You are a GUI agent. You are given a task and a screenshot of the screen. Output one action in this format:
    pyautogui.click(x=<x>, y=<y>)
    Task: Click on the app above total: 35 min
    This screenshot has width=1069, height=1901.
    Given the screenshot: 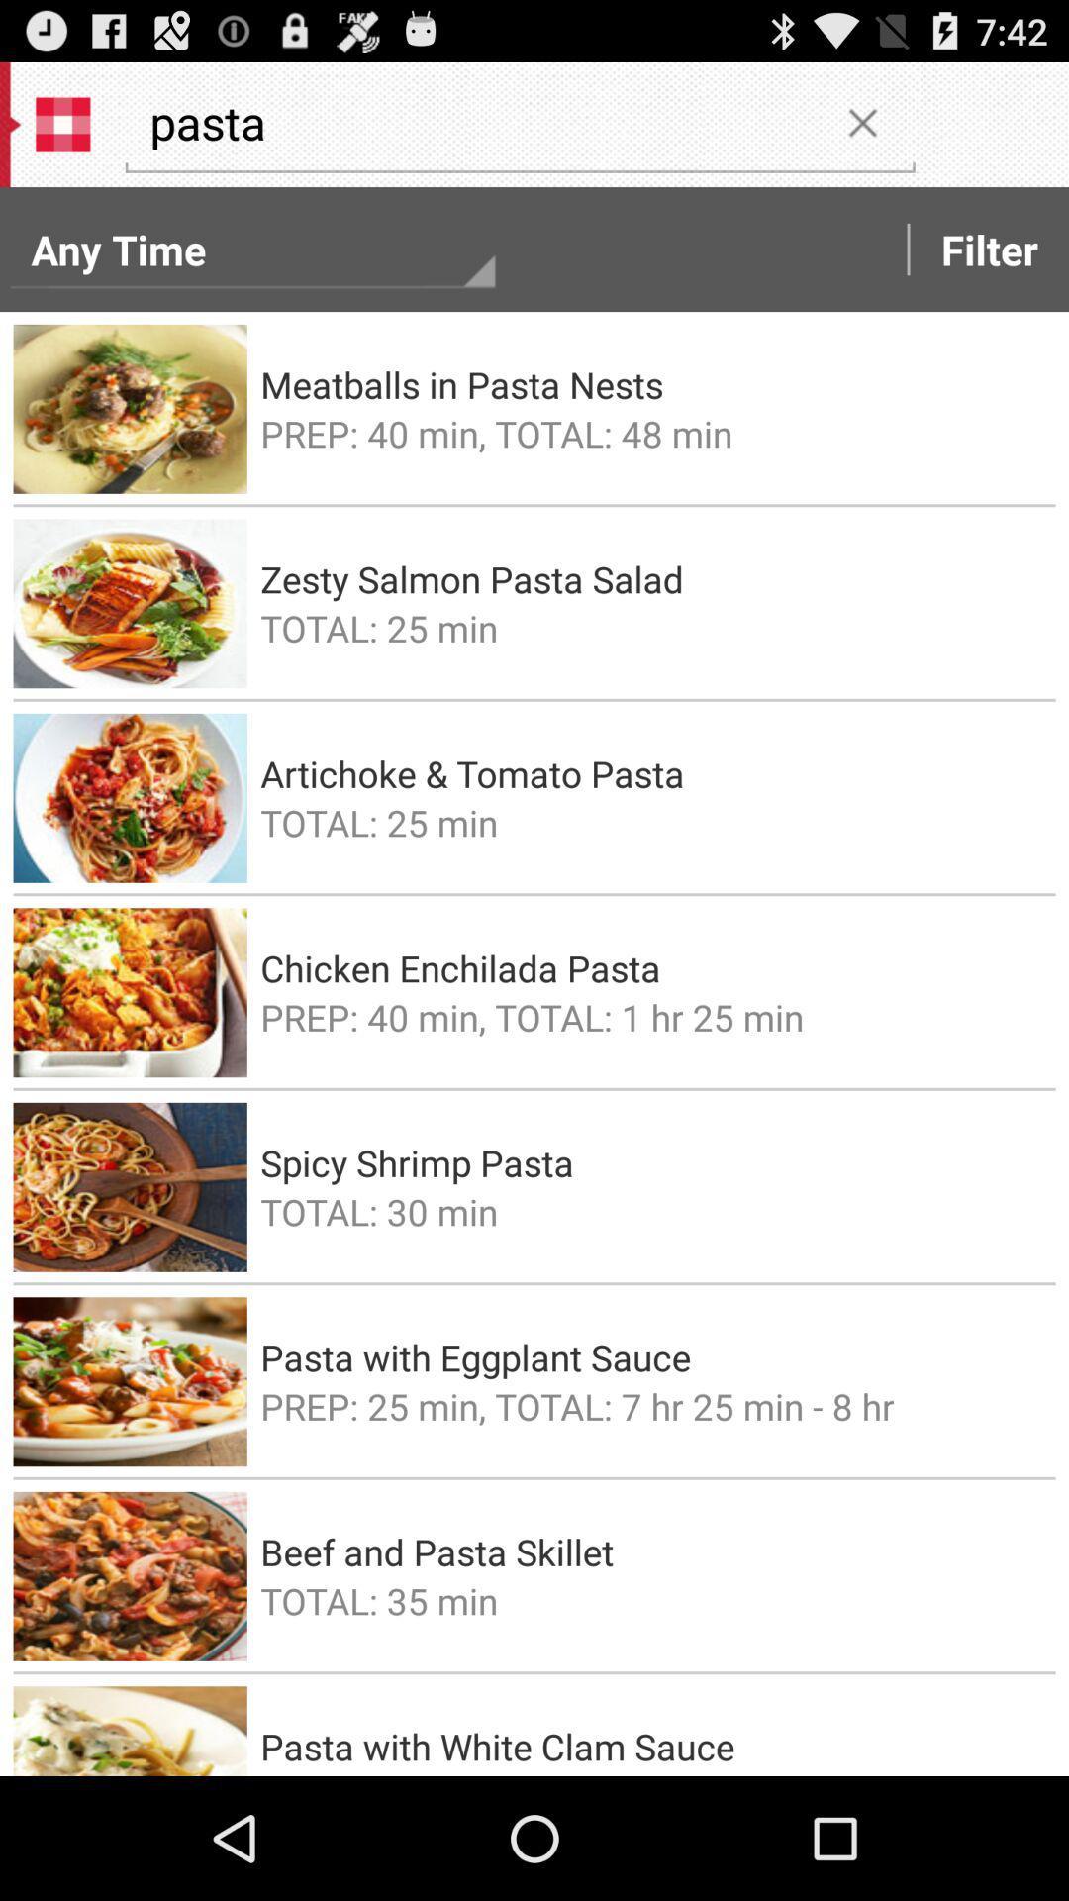 What is the action you would take?
    pyautogui.click(x=651, y=1551)
    